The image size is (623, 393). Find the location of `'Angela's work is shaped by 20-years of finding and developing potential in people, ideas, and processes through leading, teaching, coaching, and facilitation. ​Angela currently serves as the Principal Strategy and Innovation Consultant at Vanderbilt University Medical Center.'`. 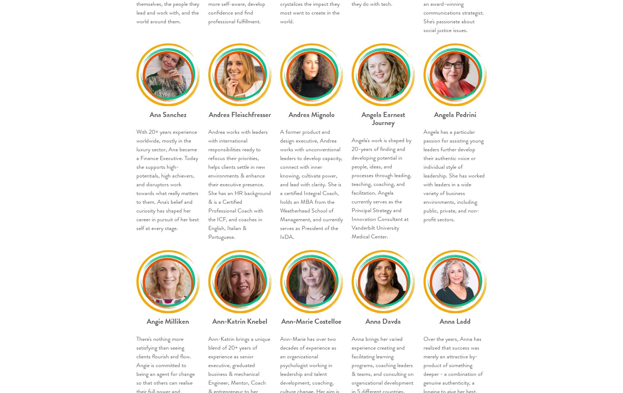

'Angela's work is shaped by 20-years of finding and developing potential in people, ideas, and processes through leading, teaching, coaching, and facilitation. ​Angela currently serves as the Principal Strategy and Innovation Consultant at Vanderbilt University Medical Center.' is located at coordinates (381, 188).